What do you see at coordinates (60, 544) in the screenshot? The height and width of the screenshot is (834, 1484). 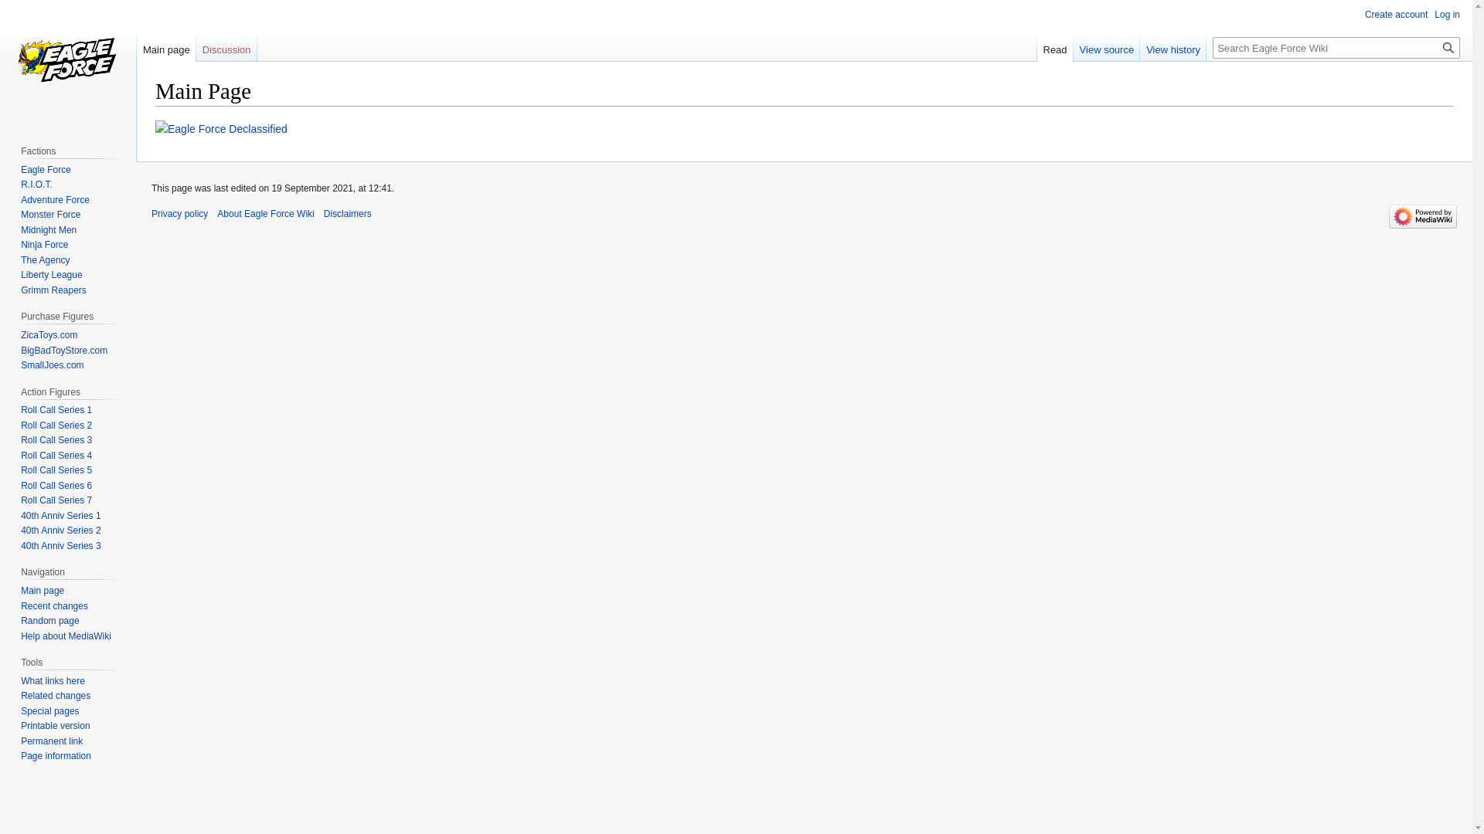 I see `'40th Anniv Series 3'` at bounding box center [60, 544].